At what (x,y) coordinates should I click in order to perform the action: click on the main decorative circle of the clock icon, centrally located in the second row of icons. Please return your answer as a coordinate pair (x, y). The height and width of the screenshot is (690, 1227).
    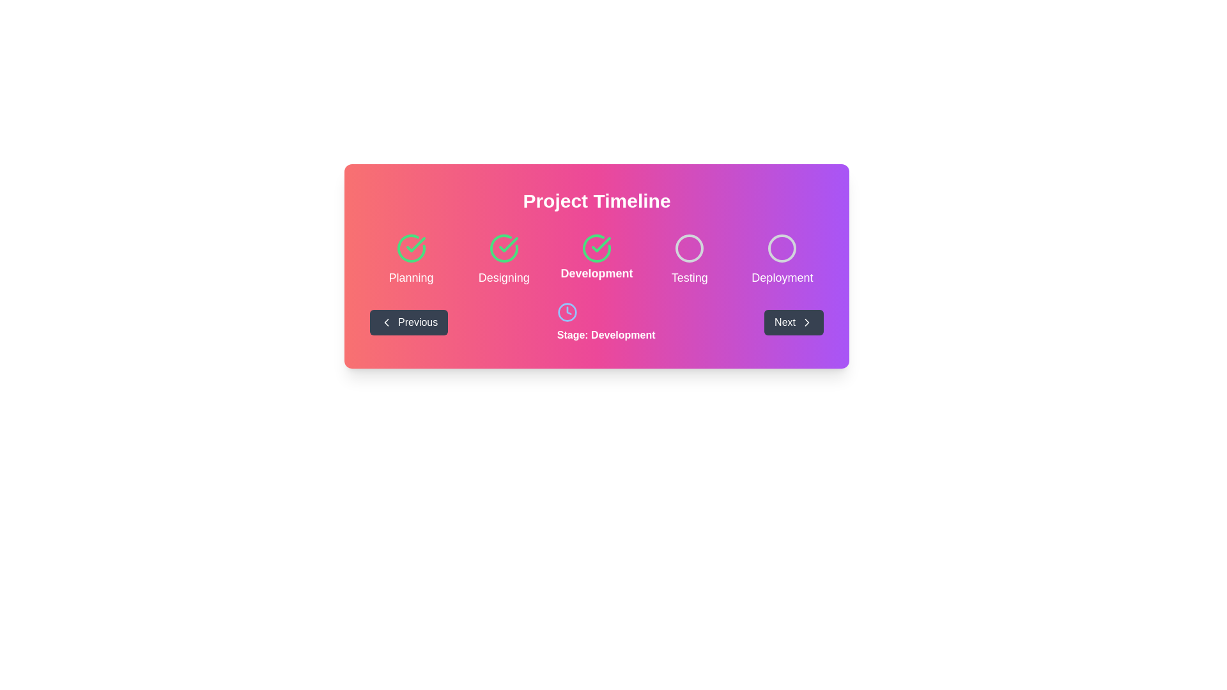
    Looking at the image, I should click on (566, 312).